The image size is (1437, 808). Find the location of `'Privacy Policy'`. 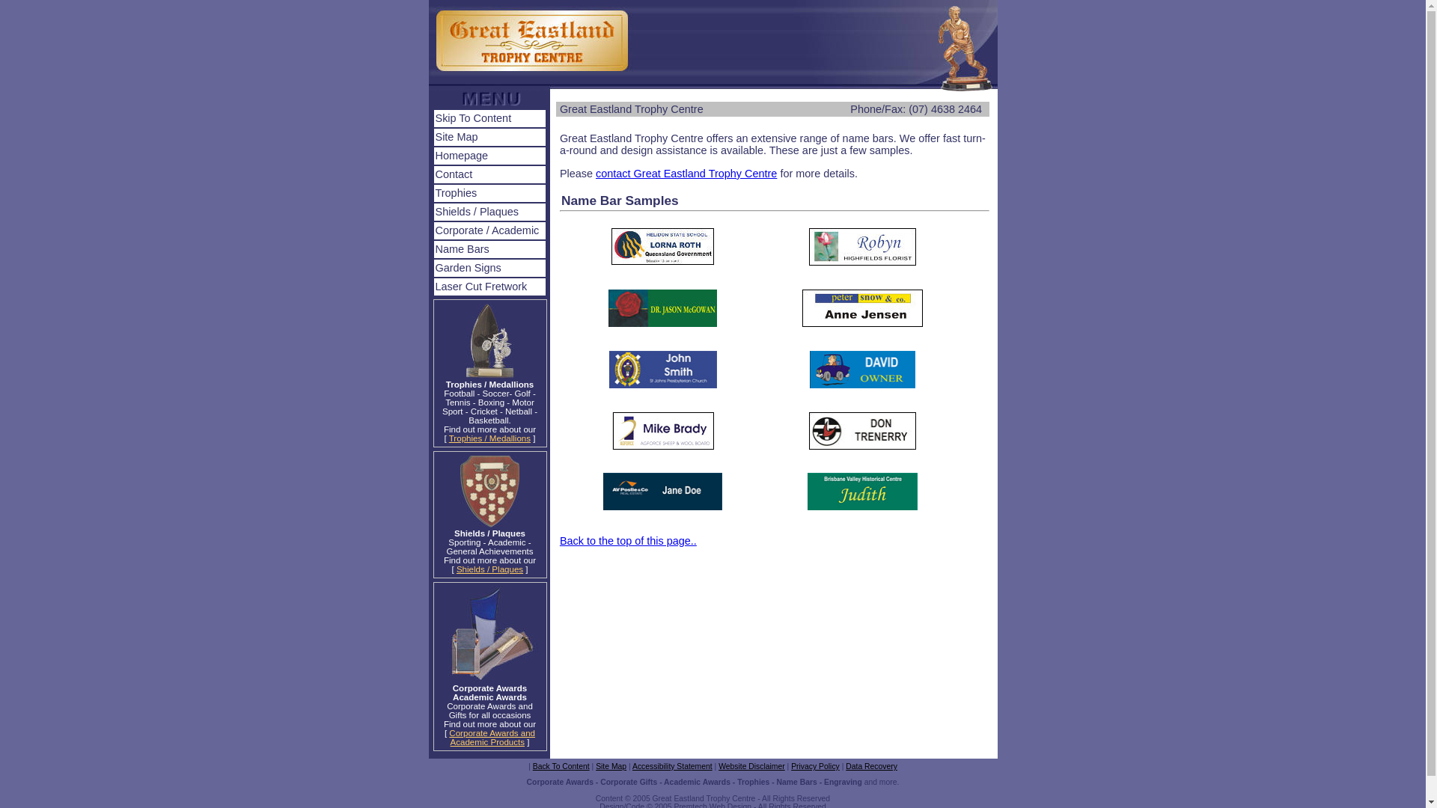

'Privacy Policy' is located at coordinates (790, 766).